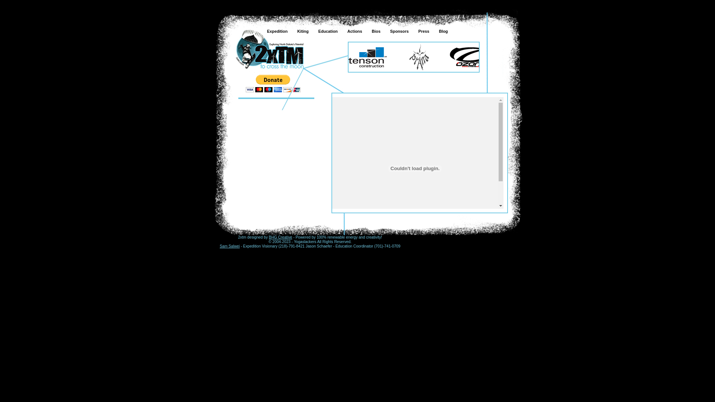 The height and width of the screenshot is (402, 715). Describe the element at coordinates (229, 246) in the screenshot. I see `'Sam Salwei'` at that location.